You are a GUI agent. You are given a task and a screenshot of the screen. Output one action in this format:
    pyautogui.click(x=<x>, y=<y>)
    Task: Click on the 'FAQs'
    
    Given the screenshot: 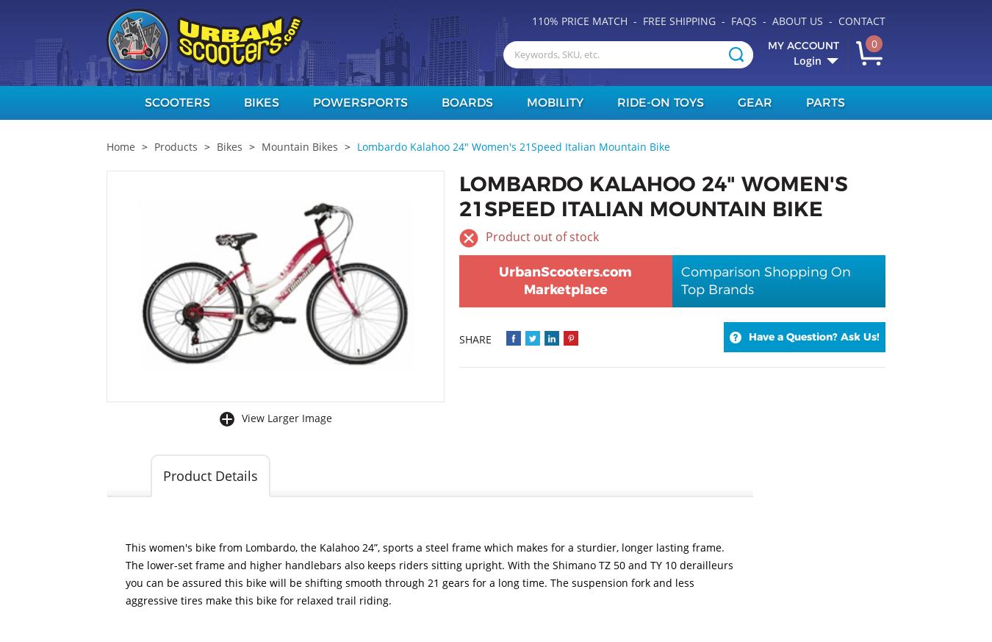 What is the action you would take?
    pyautogui.click(x=743, y=20)
    